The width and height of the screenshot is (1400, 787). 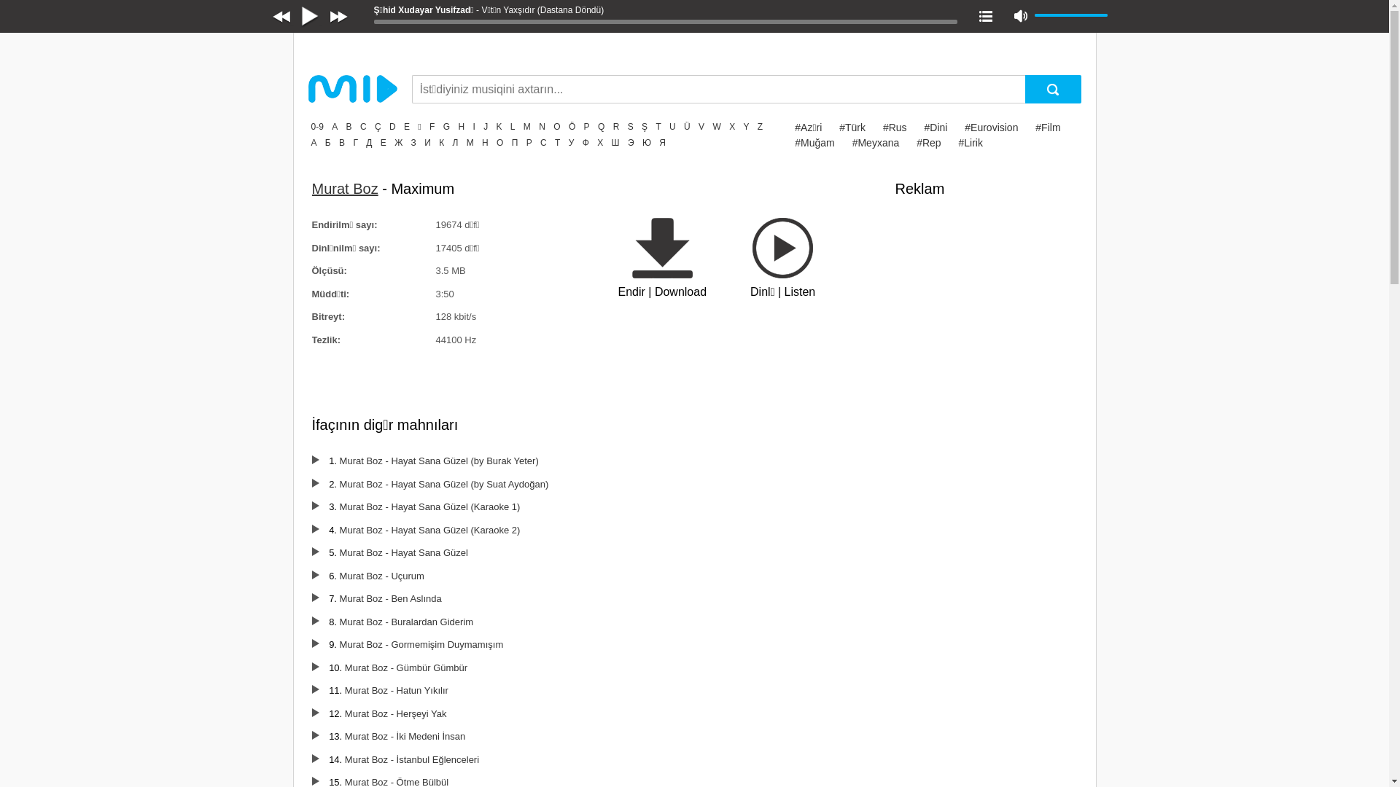 What do you see at coordinates (759, 125) in the screenshot?
I see `'Z'` at bounding box center [759, 125].